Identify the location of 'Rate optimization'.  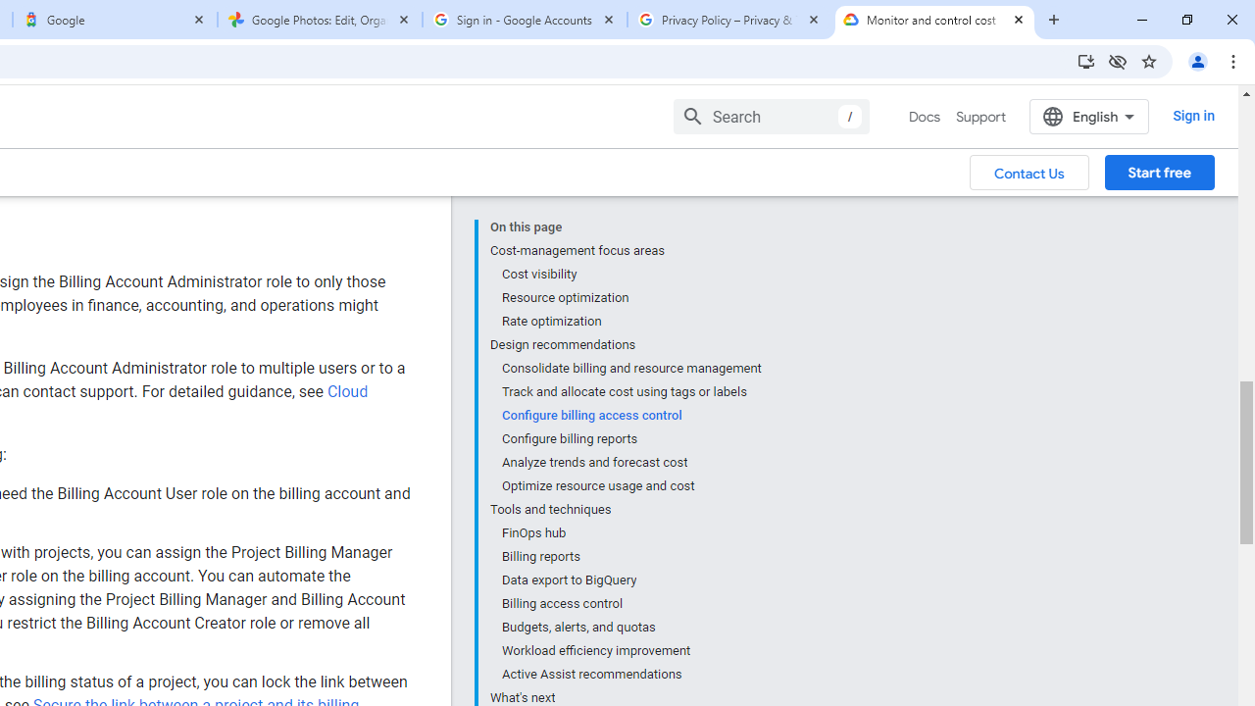
(630, 320).